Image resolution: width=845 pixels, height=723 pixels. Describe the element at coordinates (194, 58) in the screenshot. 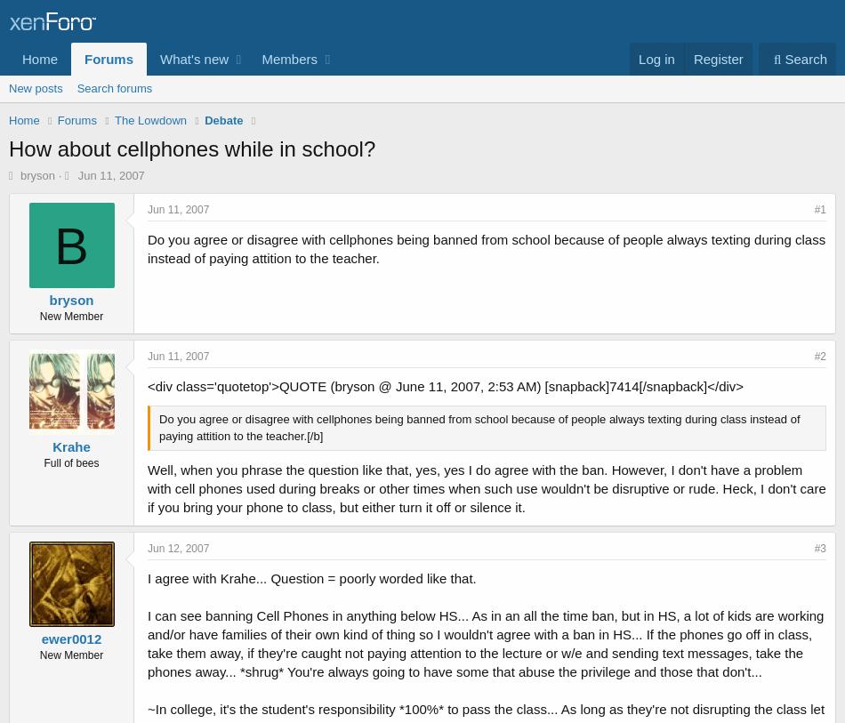

I see `'What's new'` at that location.